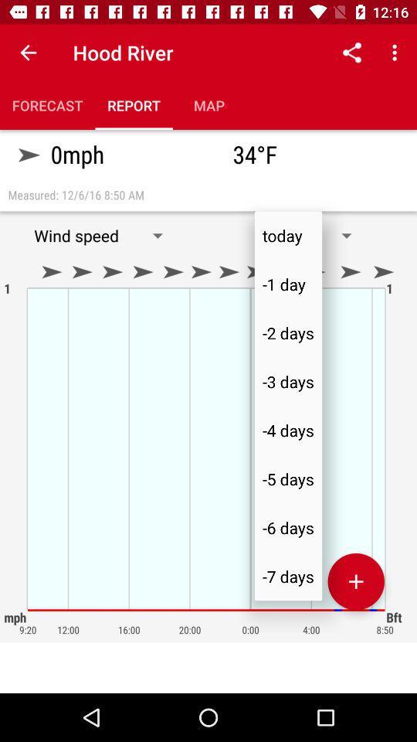  I want to click on increase, so click(356, 580).